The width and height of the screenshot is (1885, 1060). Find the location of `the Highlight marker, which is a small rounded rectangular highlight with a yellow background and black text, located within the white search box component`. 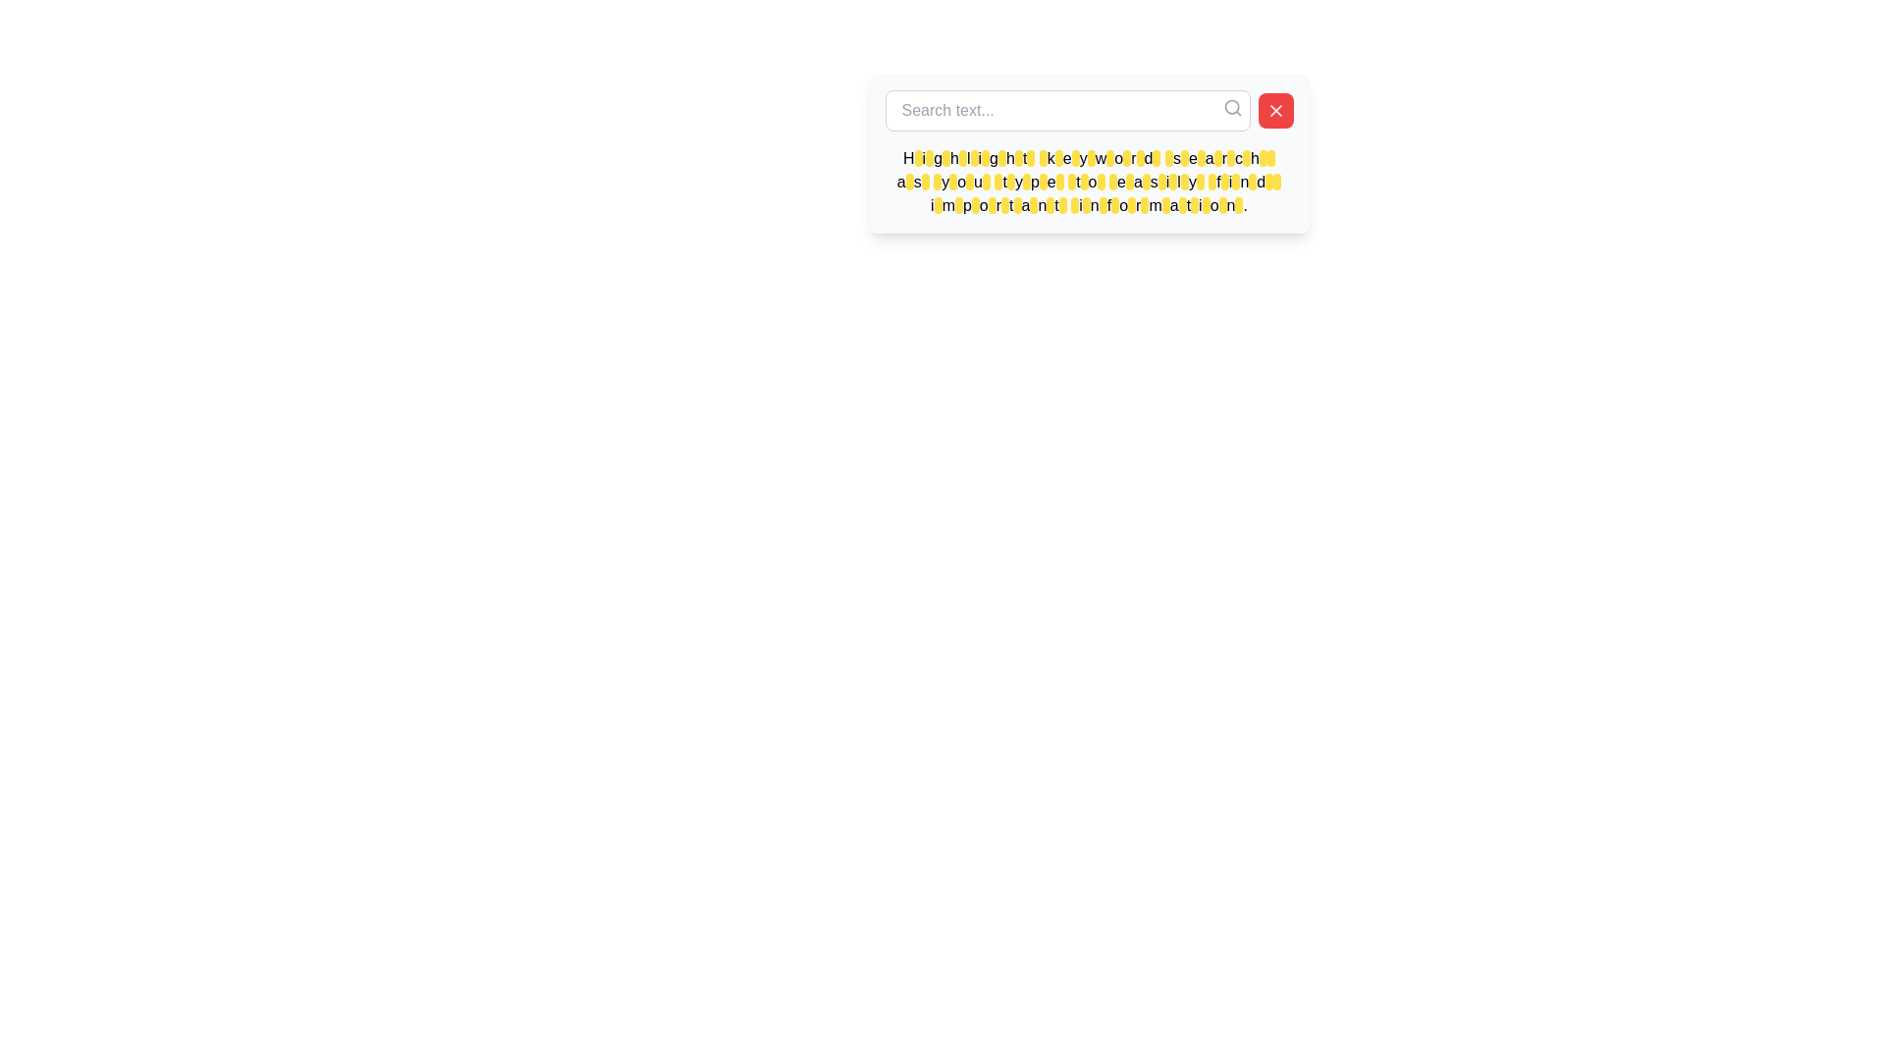

the Highlight marker, which is a small rounded rectangular highlight with a yellow background and black text, located within the white search box component is located at coordinates (1146, 182).